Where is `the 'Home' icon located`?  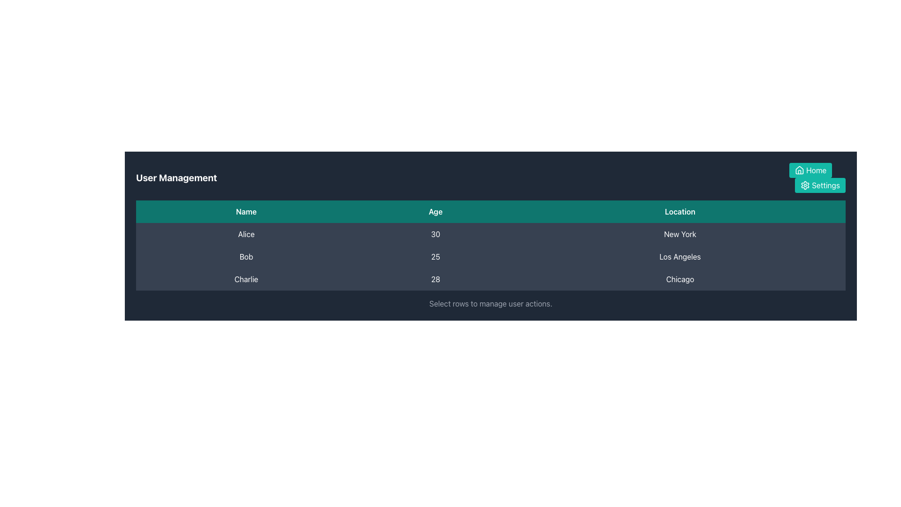 the 'Home' icon located is located at coordinates (799, 170).